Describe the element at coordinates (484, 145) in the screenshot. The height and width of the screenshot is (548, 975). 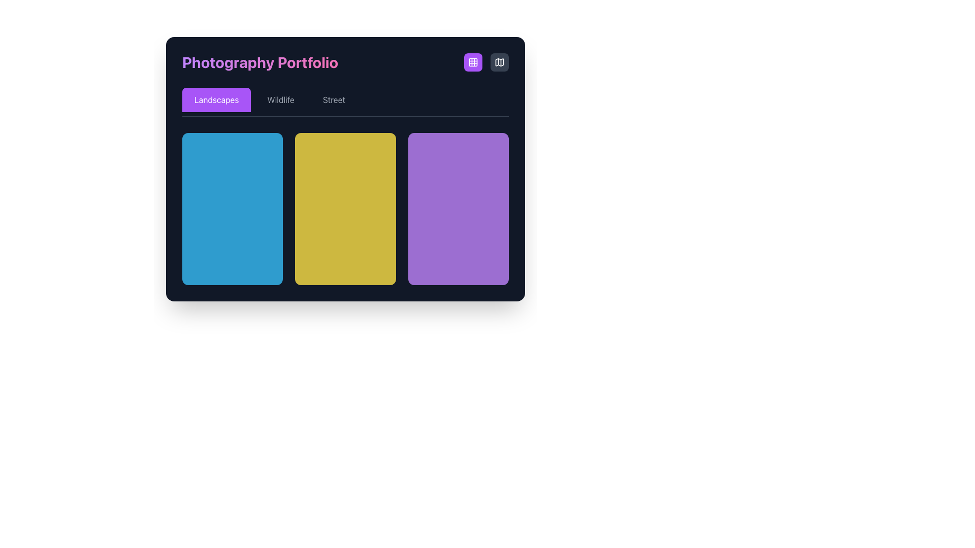
I see `the second circular indicator, which is located between an orange circle and a blue circle, positioned slightly above the center-right of the user interface` at that location.